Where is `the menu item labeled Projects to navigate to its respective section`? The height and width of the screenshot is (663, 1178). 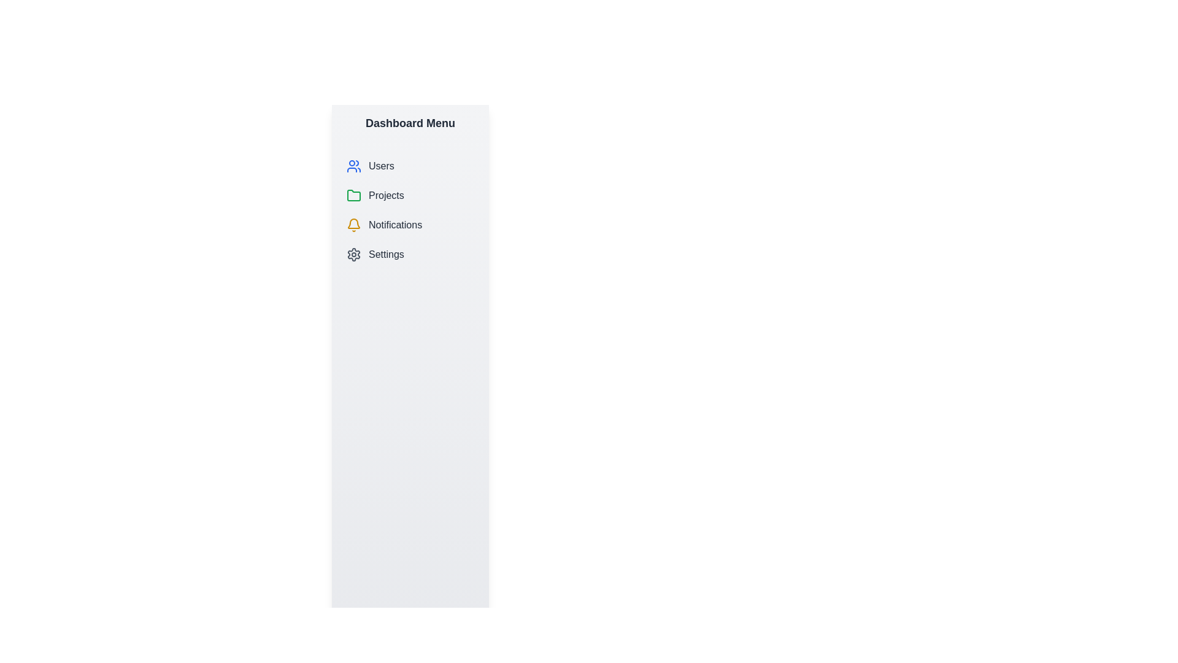
the menu item labeled Projects to navigate to its respective section is located at coordinates (410, 195).